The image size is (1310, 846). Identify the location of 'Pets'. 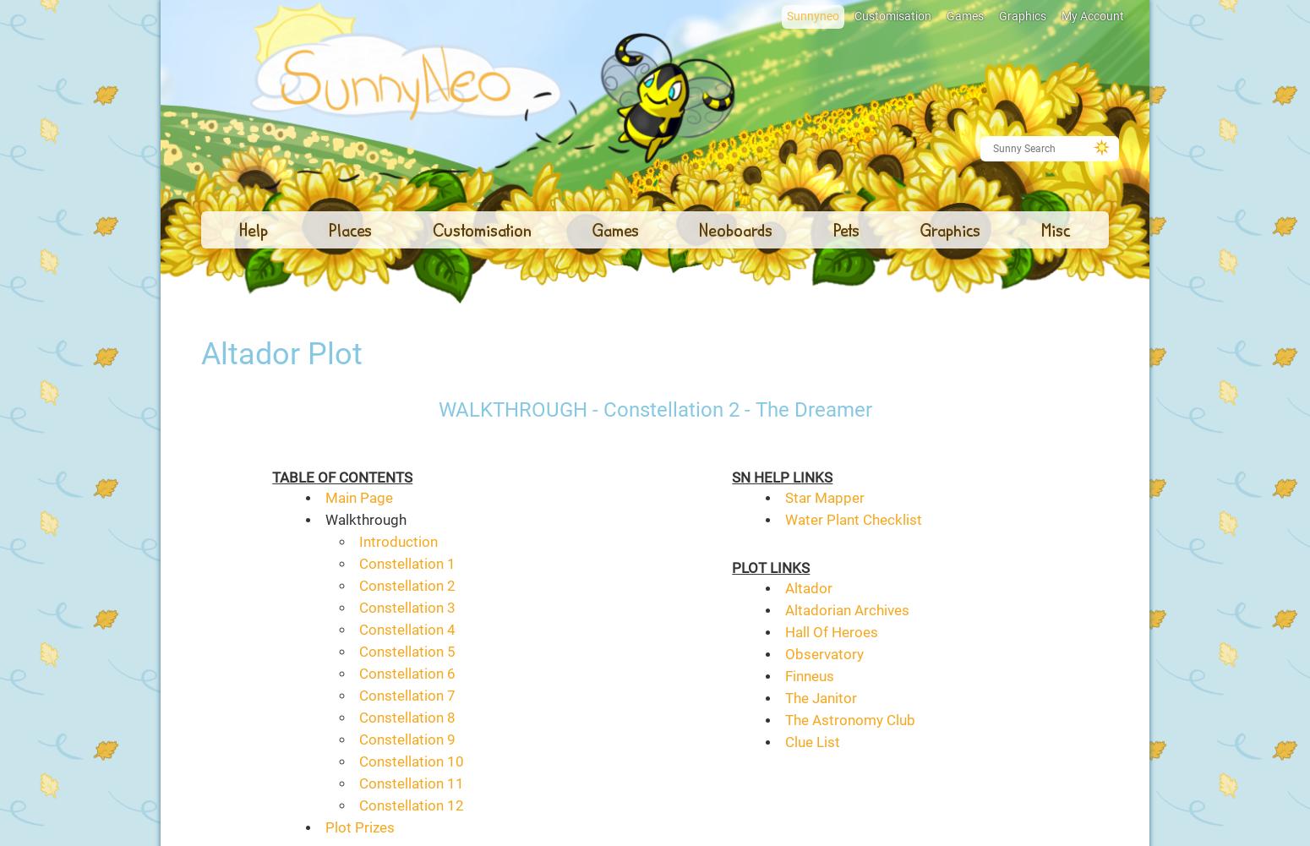
(832, 228).